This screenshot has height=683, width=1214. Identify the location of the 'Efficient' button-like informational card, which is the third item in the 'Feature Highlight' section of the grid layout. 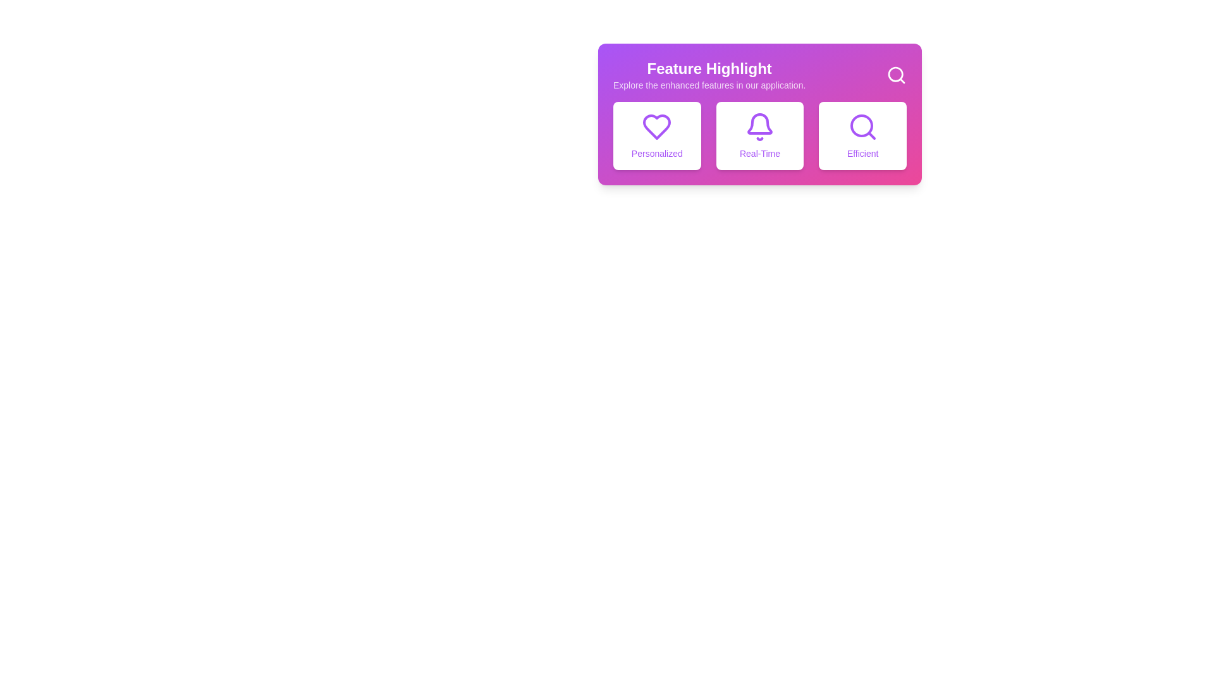
(862, 136).